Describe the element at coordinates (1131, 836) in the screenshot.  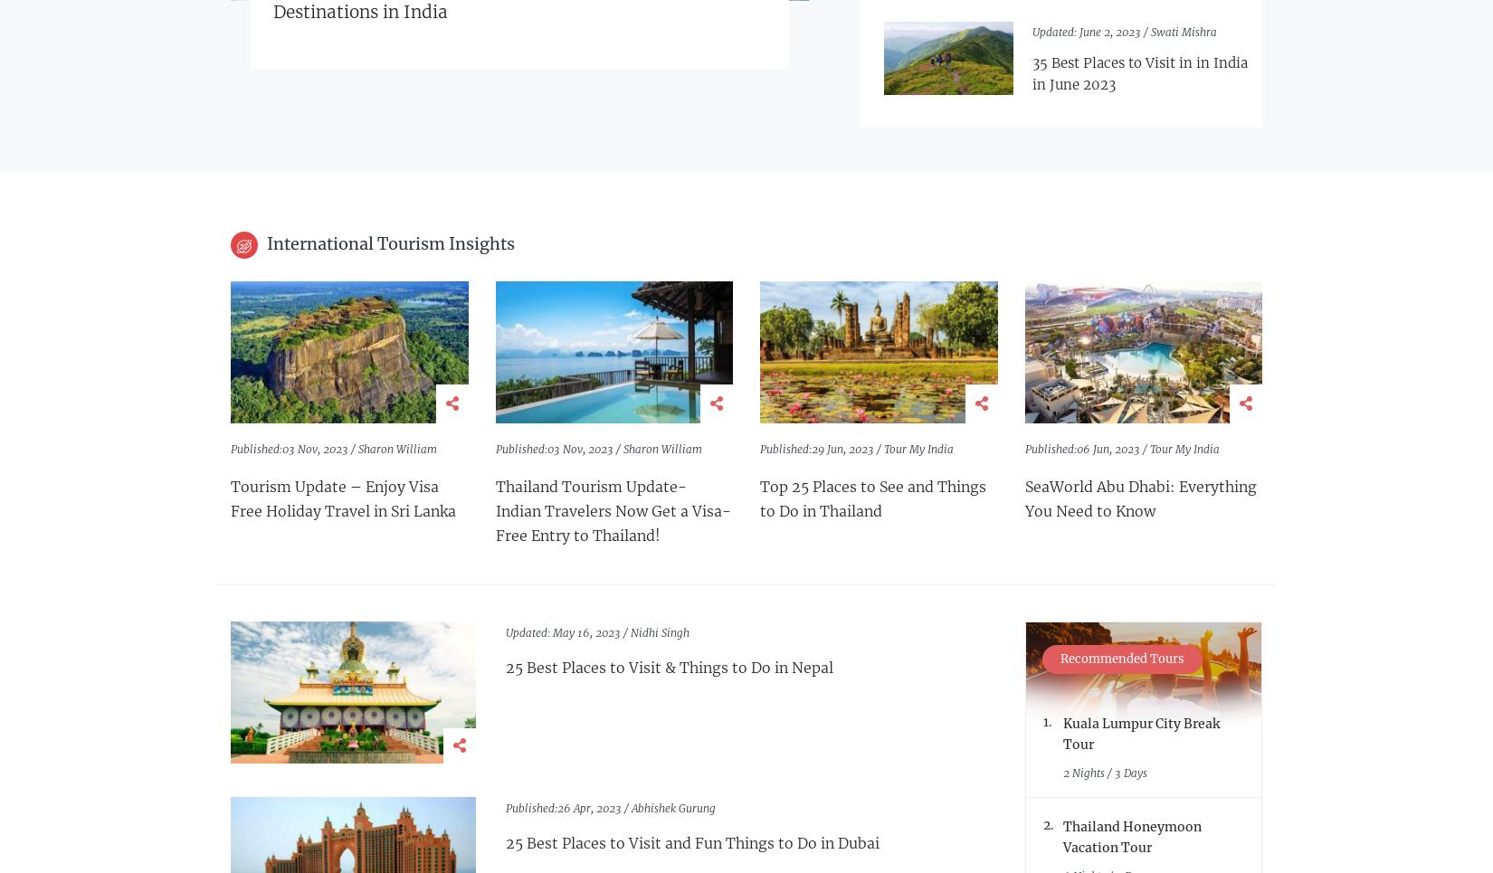
I see `'Thailand Honeymoon Vacation Tour'` at that location.